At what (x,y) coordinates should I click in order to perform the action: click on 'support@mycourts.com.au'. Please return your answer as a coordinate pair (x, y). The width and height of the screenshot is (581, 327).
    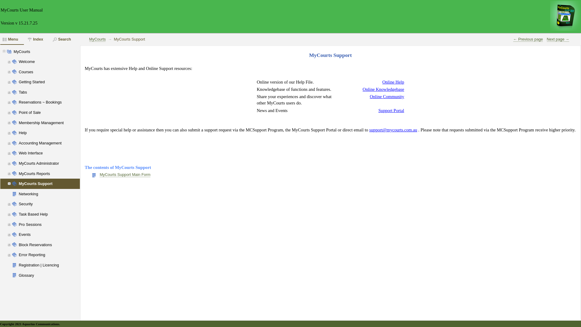
    Looking at the image, I should click on (369, 130).